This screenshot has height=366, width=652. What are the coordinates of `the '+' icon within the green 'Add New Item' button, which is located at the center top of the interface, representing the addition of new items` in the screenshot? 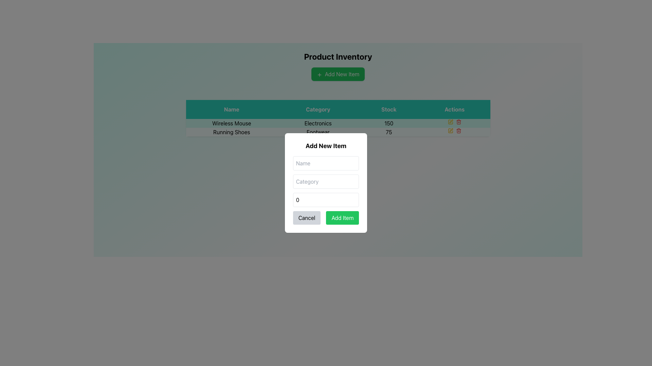 It's located at (319, 75).